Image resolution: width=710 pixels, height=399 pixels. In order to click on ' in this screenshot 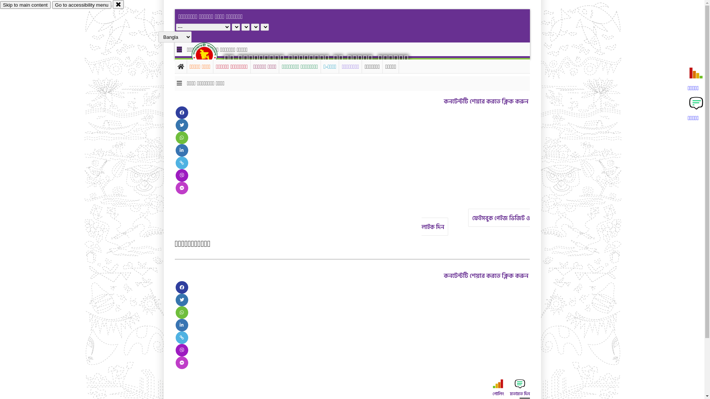, I will do `click(210, 55)`.